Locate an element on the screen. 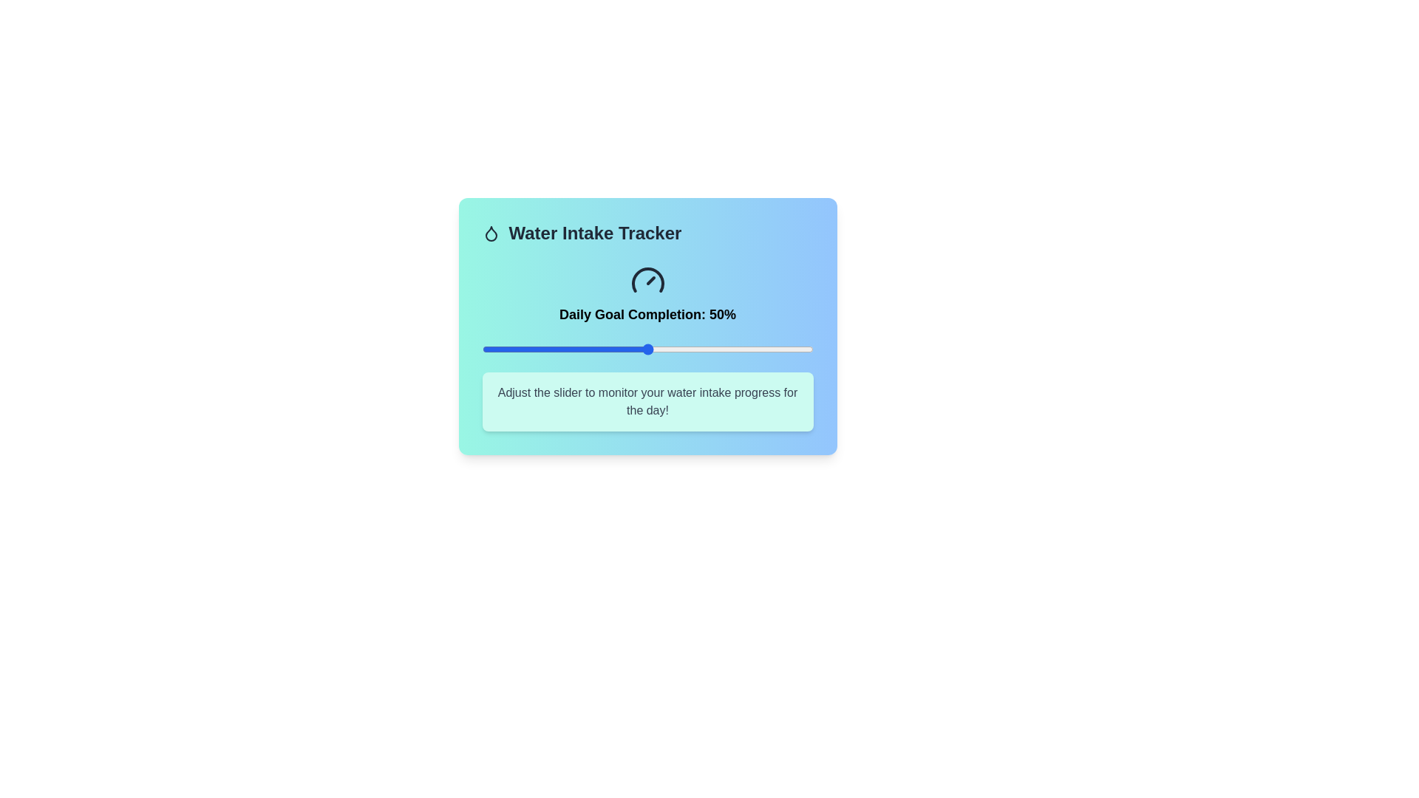 This screenshot has width=1419, height=798. the slider to set the goal completion percentage to 27 is located at coordinates (571, 349).